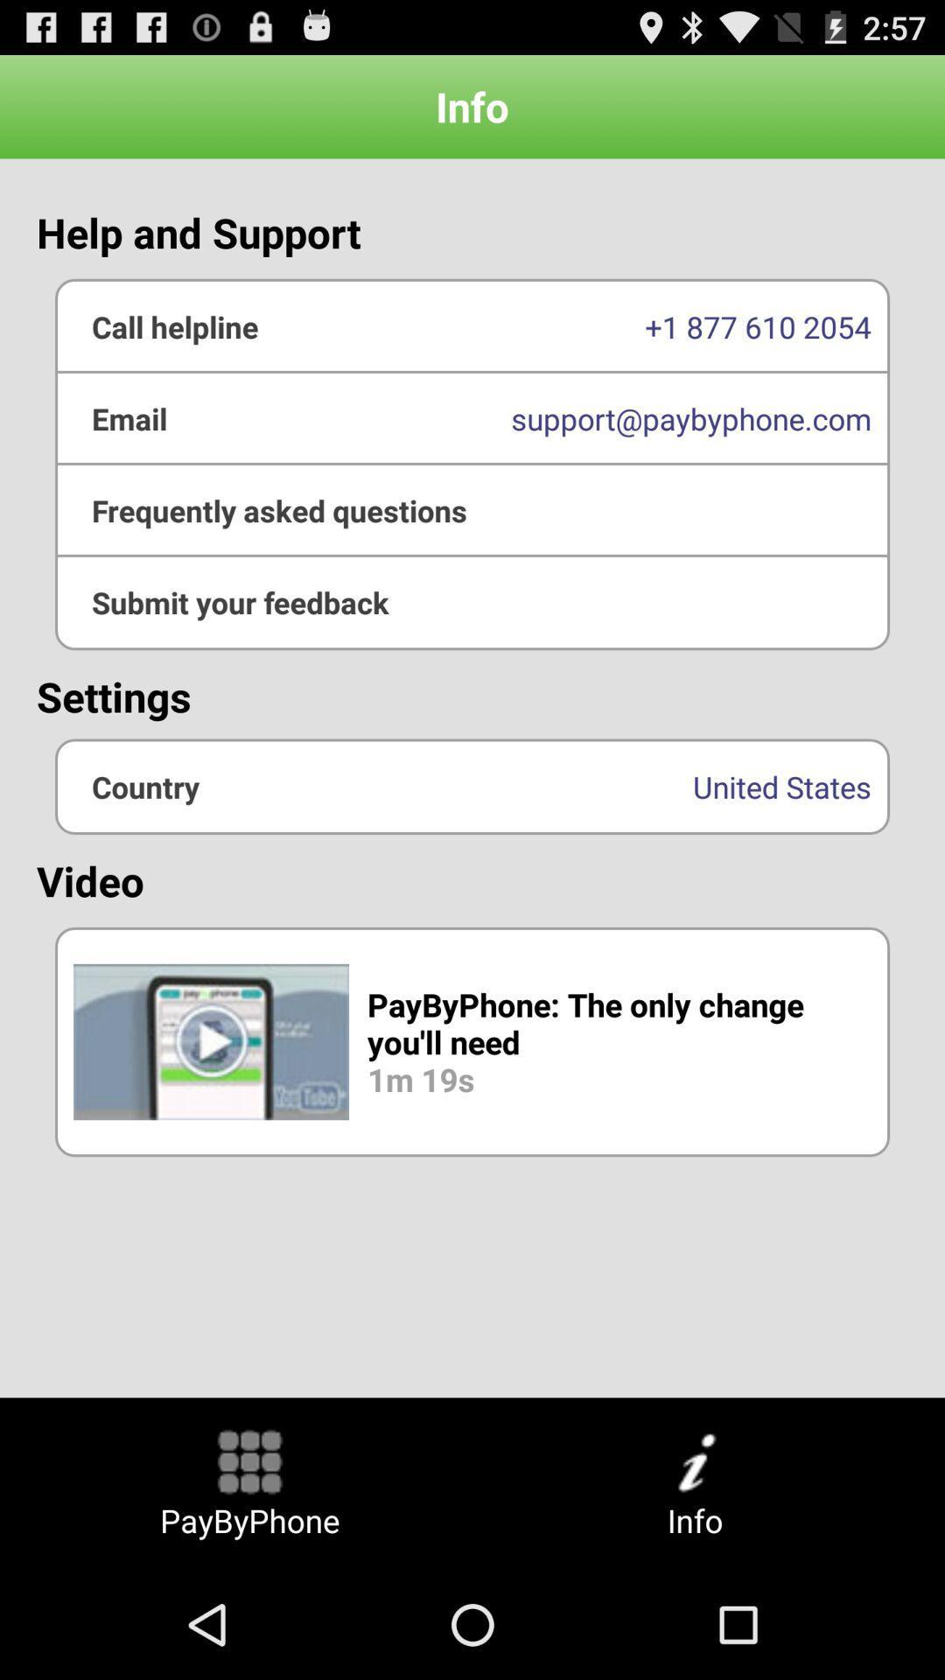 This screenshot has width=945, height=1680. I want to click on give feedback about the app, so click(472, 602).